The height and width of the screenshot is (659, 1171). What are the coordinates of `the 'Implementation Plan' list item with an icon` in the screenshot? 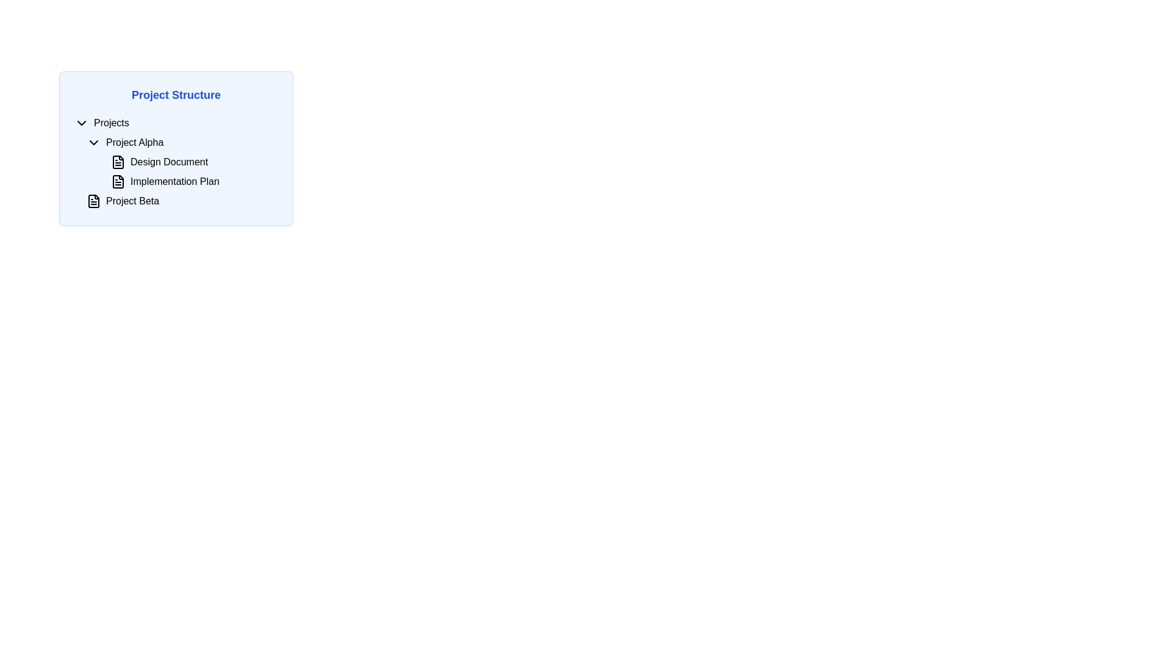 It's located at (193, 181).